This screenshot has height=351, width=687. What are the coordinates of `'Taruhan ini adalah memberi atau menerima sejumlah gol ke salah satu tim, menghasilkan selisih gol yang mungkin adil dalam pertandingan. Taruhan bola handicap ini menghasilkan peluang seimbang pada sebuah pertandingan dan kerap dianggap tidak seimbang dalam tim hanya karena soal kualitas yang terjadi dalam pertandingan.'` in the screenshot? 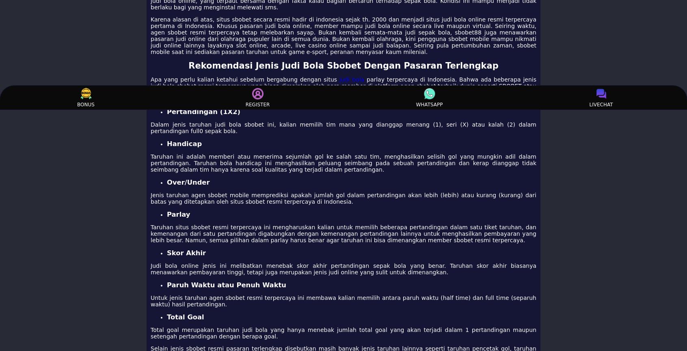 It's located at (343, 163).